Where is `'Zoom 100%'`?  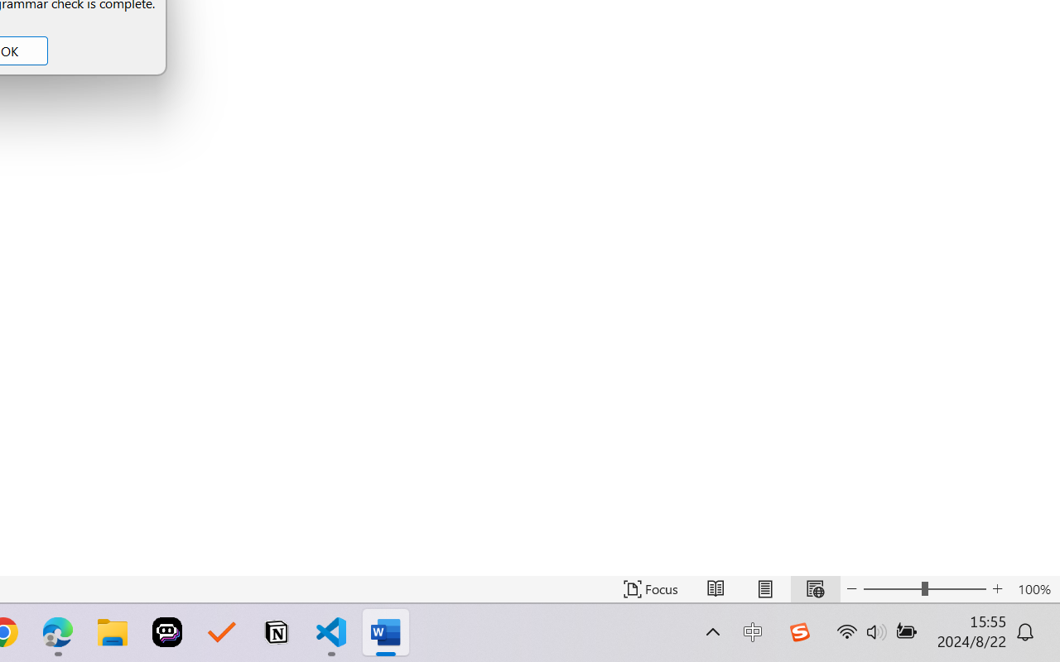 'Zoom 100%' is located at coordinates (1033, 588).